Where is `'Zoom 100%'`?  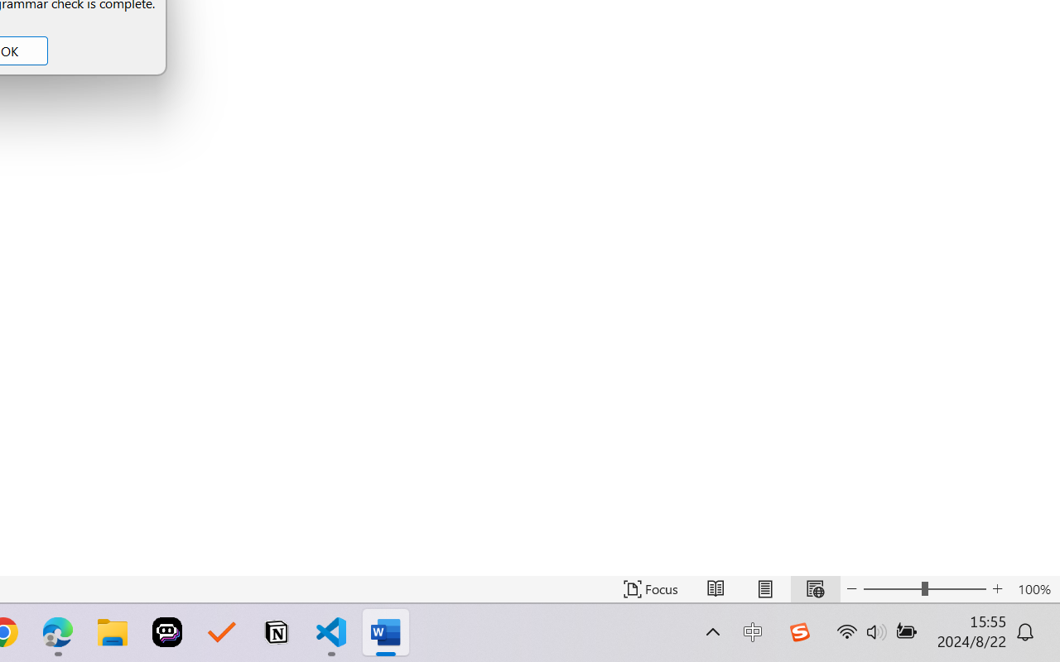 'Zoom 100%' is located at coordinates (1033, 588).